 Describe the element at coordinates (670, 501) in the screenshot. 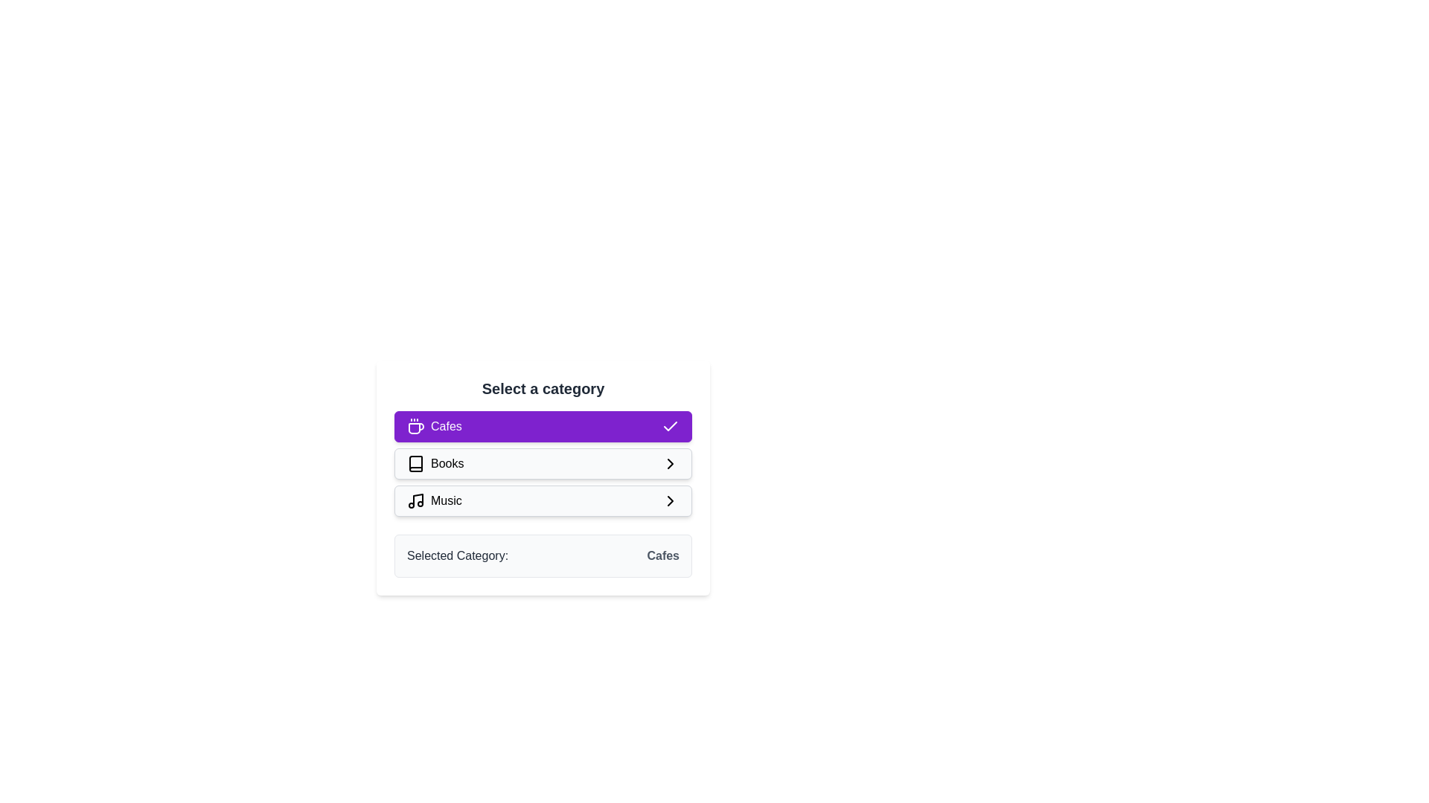

I see `the Right-pointing chevron icon (navigation indicator) located to the far right of the 'Music' entry in the vertical list of selectable categories` at that location.